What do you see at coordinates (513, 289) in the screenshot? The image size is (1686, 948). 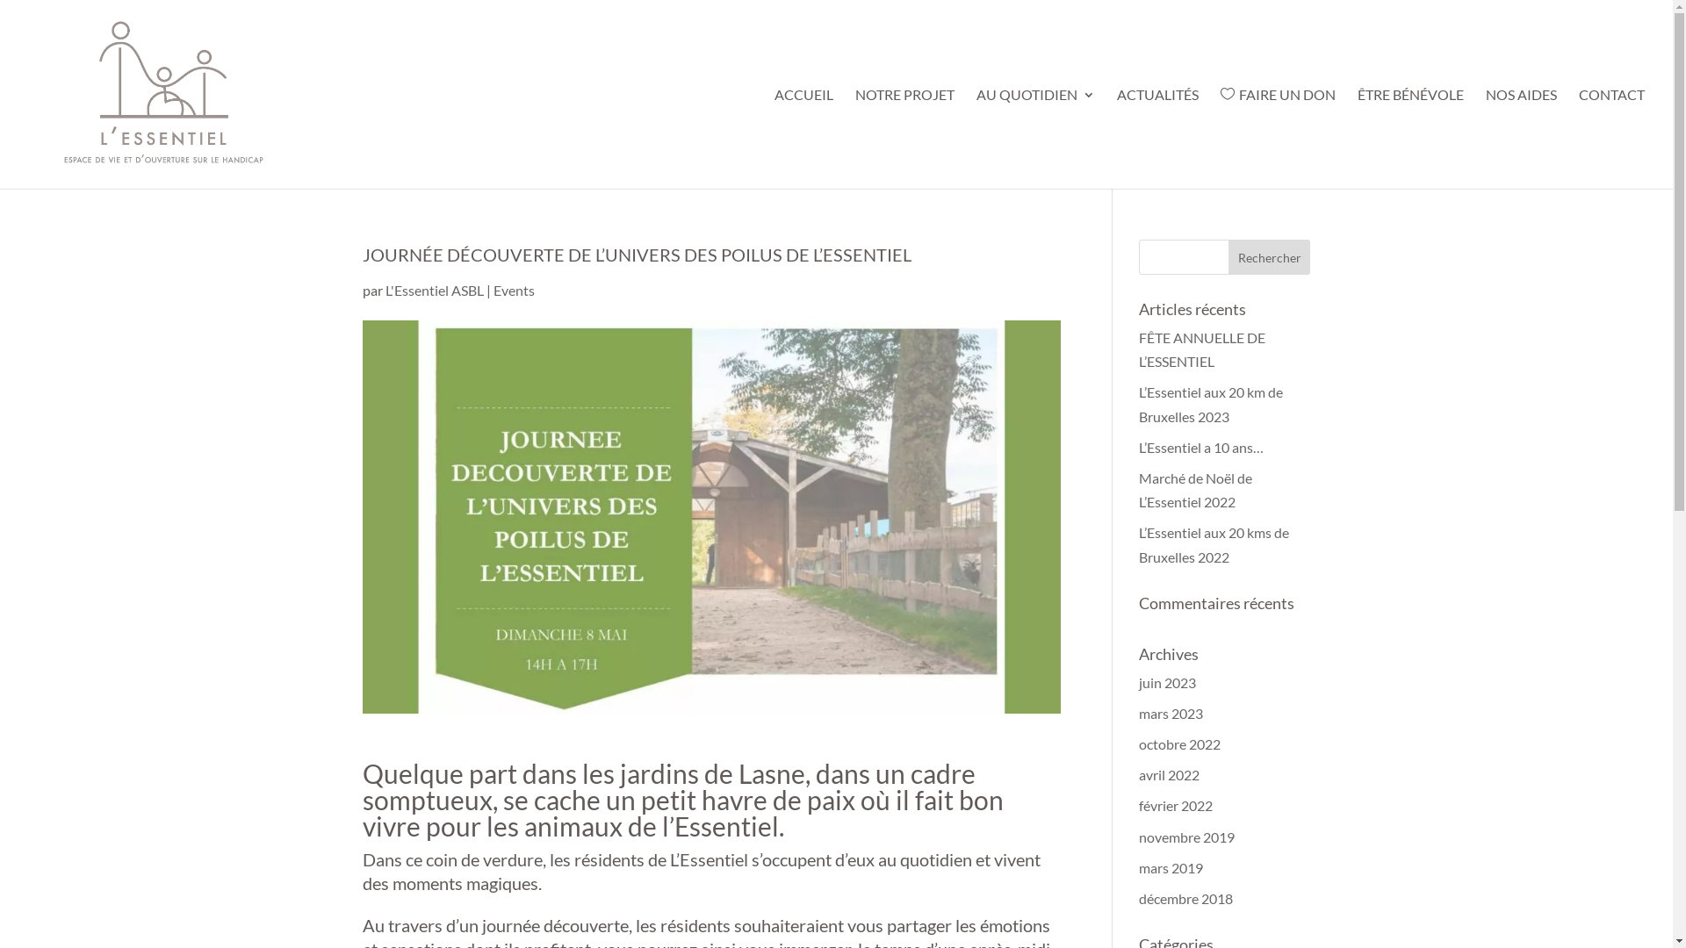 I see `'Events'` at bounding box center [513, 289].